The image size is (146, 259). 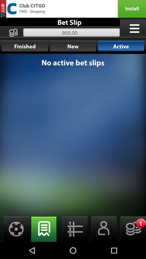 I want to click on open contacts, so click(x=102, y=229).